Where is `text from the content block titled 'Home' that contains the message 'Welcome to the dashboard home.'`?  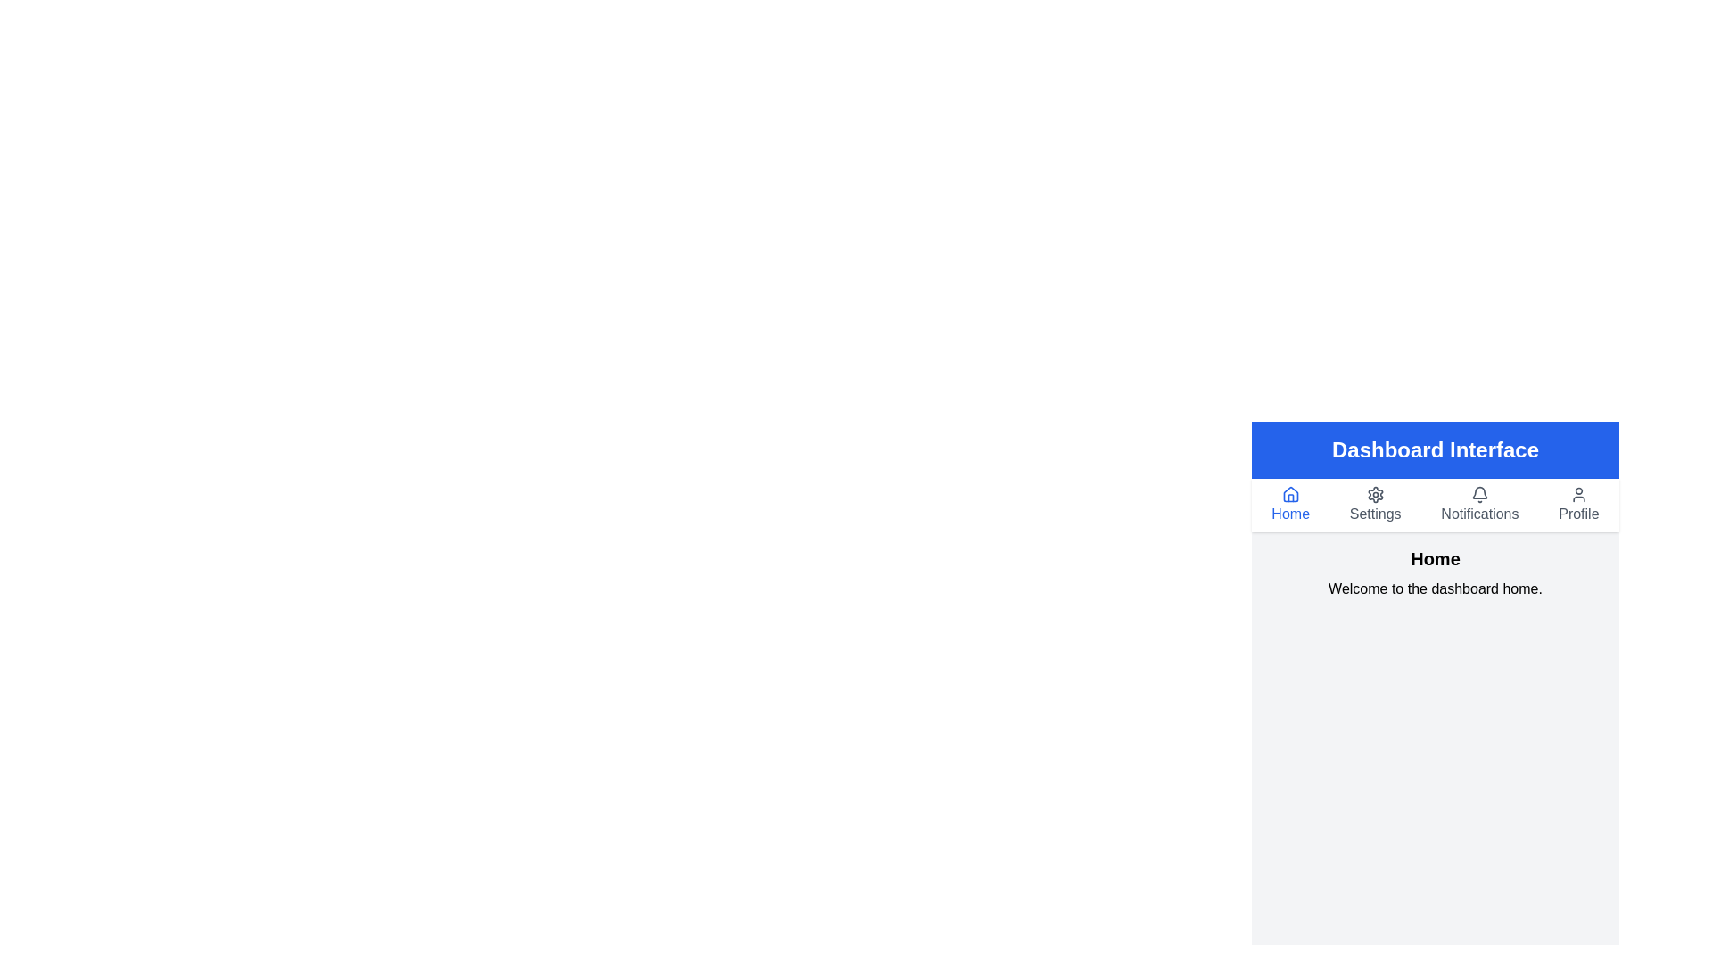
text from the content block titled 'Home' that contains the message 'Welcome to the dashboard home.' is located at coordinates (1435, 573).